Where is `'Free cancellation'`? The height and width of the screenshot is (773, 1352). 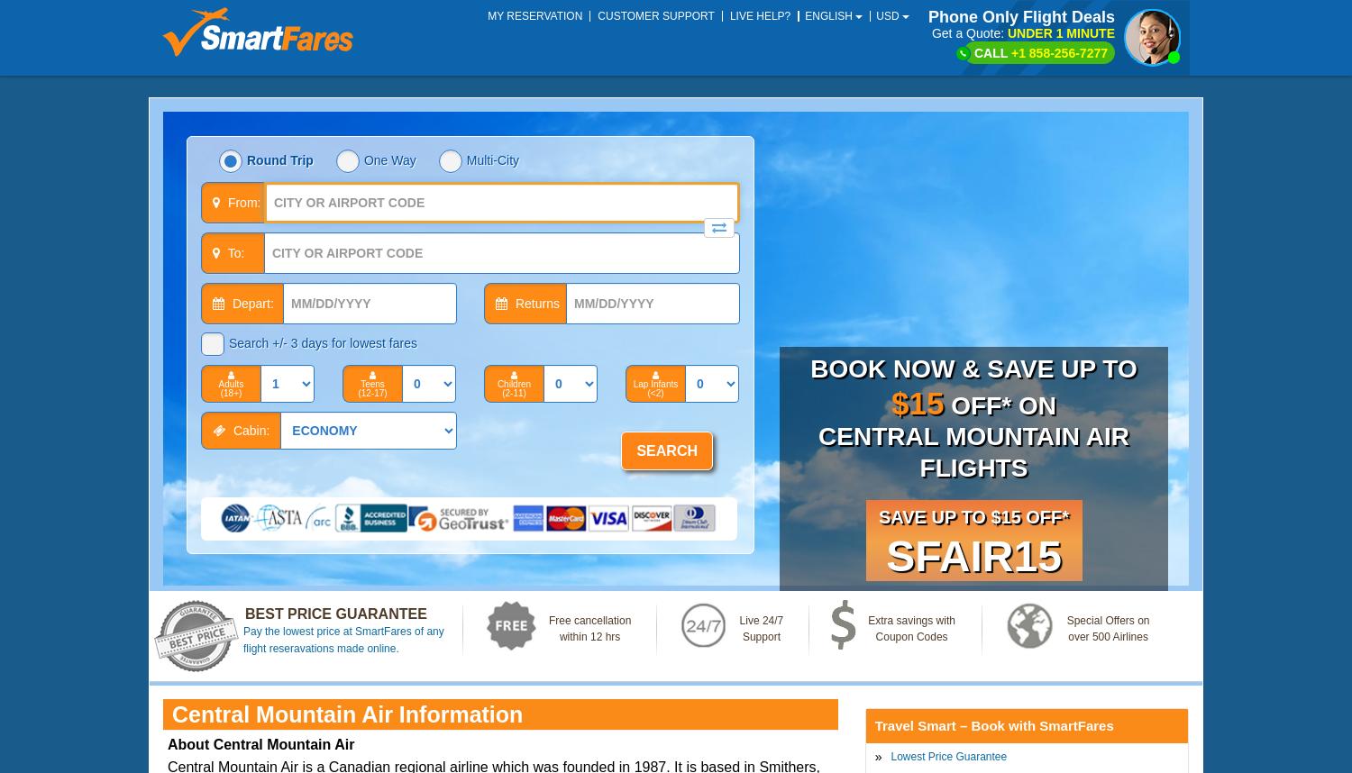
'Free cancellation' is located at coordinates (589, 620).